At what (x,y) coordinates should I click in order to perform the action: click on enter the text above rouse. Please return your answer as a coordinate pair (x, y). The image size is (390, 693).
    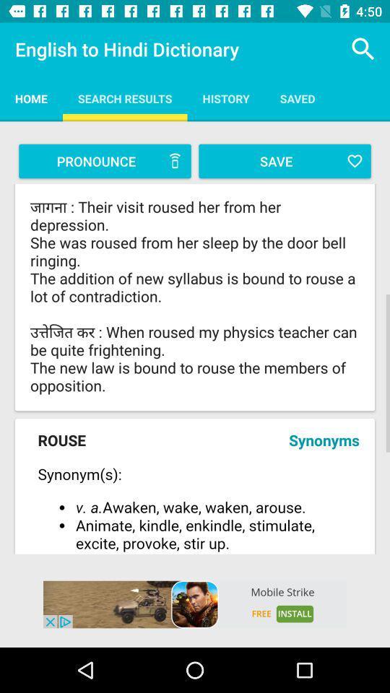
    Looking at the image, I should click on (195, 295).